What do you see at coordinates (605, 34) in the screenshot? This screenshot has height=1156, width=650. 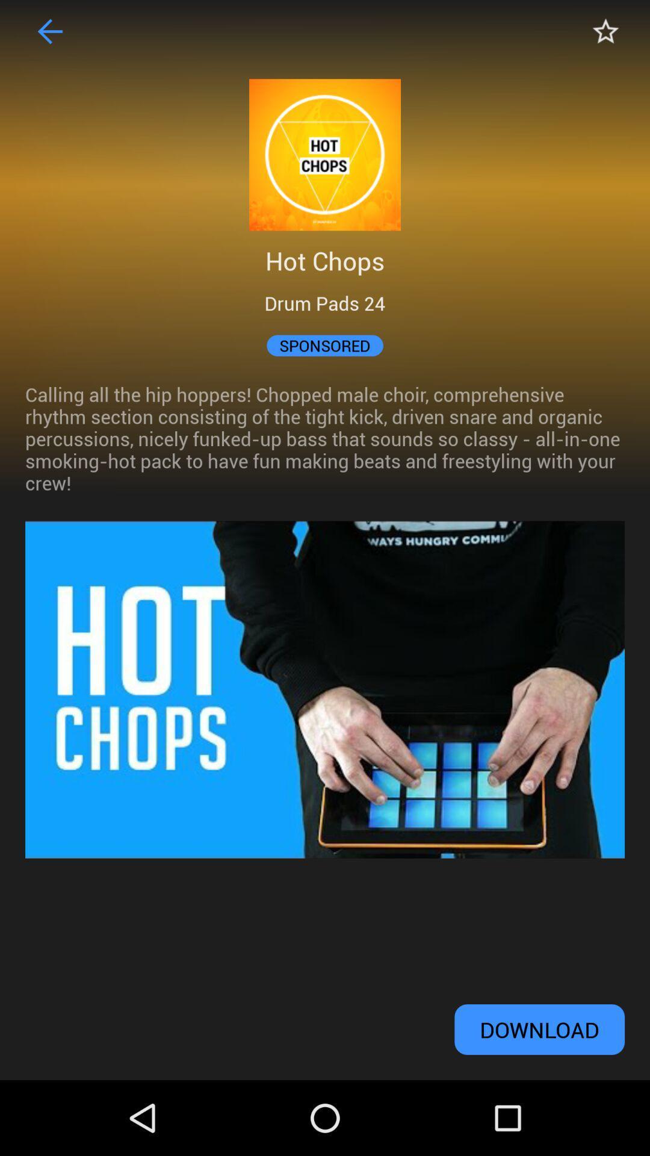 I see `the star icon` at bounding box center [605, 34].